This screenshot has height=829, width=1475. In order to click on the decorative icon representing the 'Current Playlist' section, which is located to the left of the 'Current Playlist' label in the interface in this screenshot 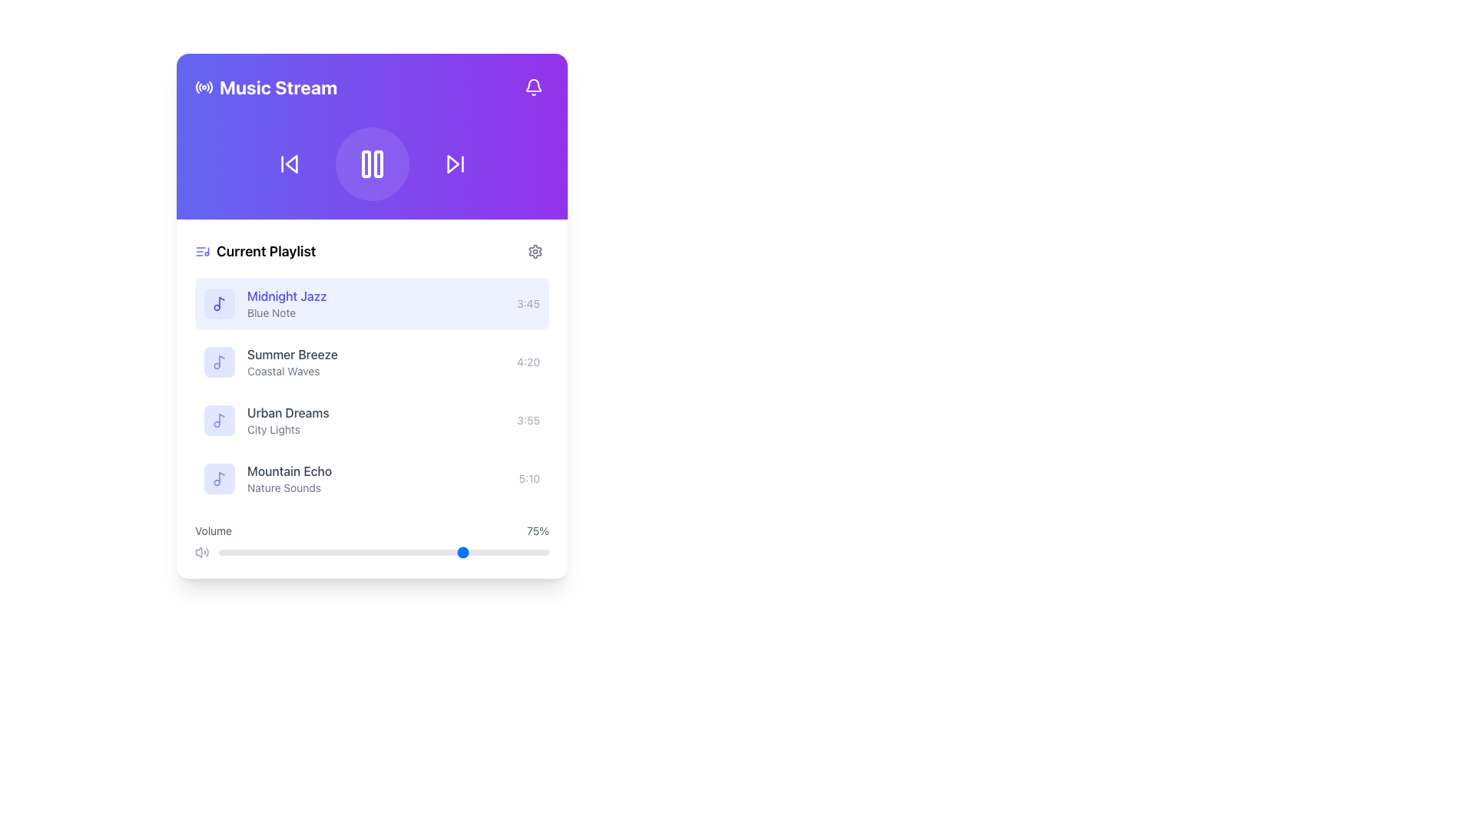, I will do `click(202, 250)`.